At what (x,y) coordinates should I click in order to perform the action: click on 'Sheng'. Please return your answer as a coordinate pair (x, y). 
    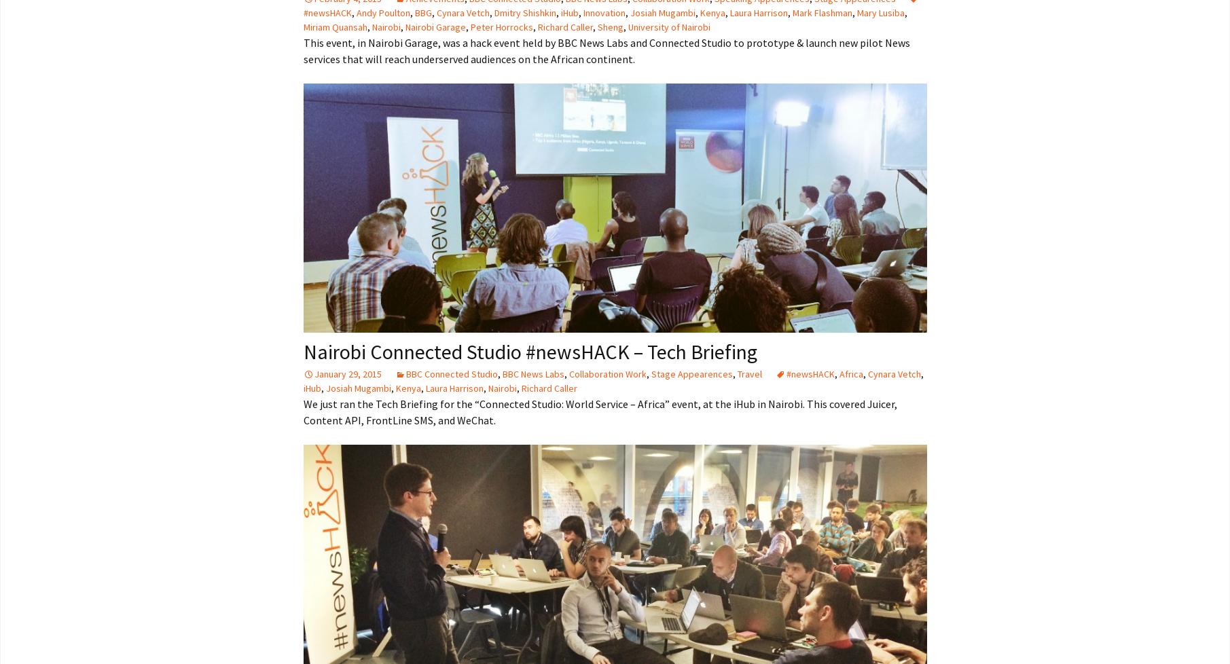
    Looking at the image, I should click on (610, 26).